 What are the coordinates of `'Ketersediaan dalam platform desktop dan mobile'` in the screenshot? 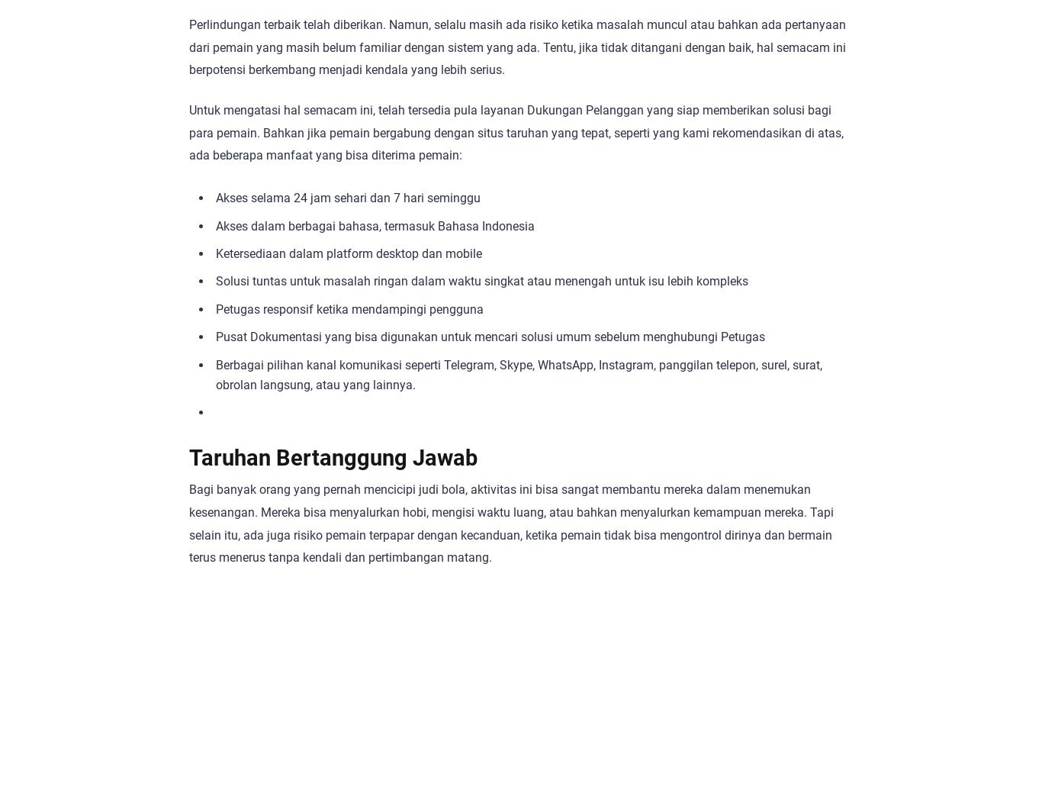 It's located at (349, 252).